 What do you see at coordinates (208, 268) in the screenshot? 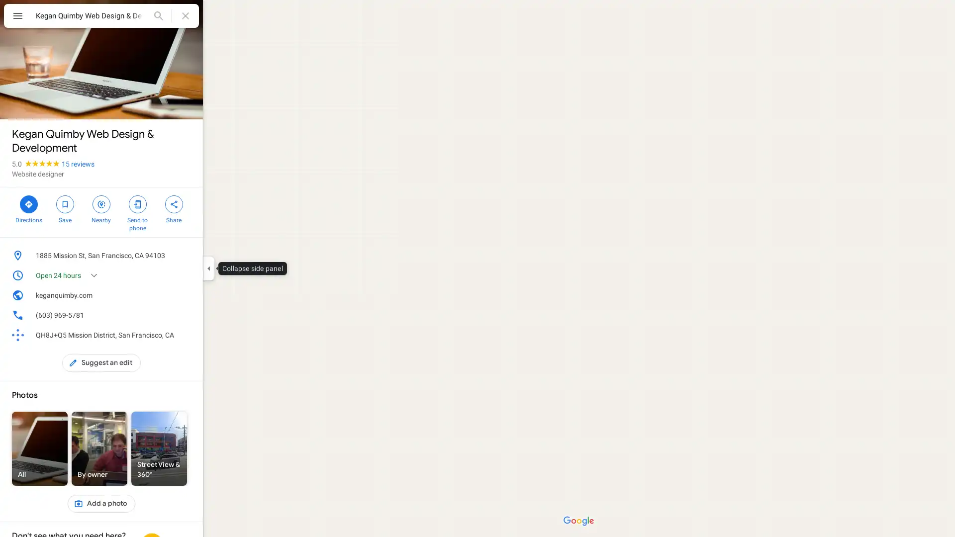
I see `Collapse side panel` at bounding box center [208, 268].